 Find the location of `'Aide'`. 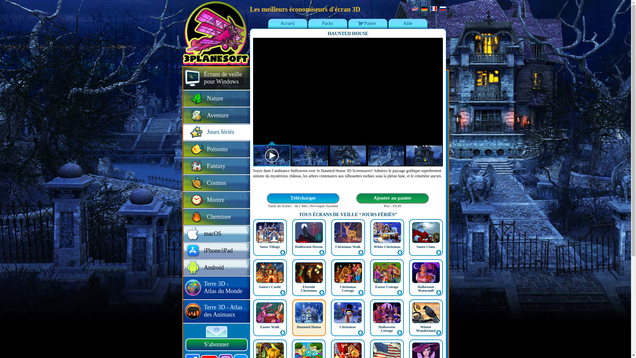

'Aide' is located at coordinates (407, 24).